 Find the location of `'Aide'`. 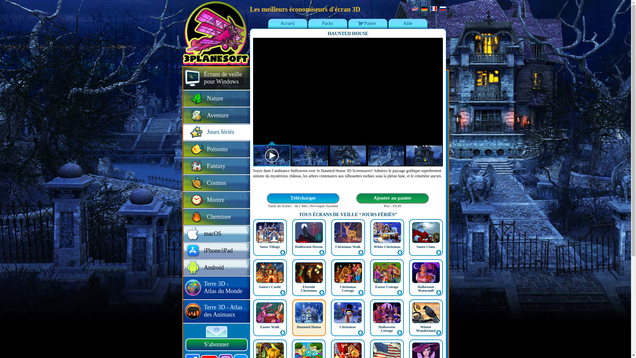

'Aide' is located at coordinates (407, 24).